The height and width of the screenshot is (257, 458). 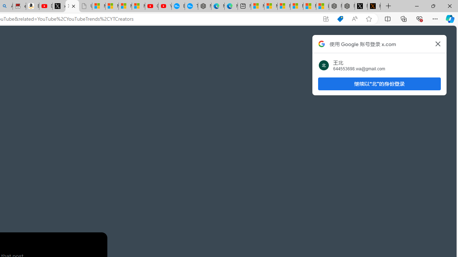 What do you see at coordinates (340, 19) in the screenshot?
I see `'Shopping in Microsoft Edge'` at bounding box center [340, 19].